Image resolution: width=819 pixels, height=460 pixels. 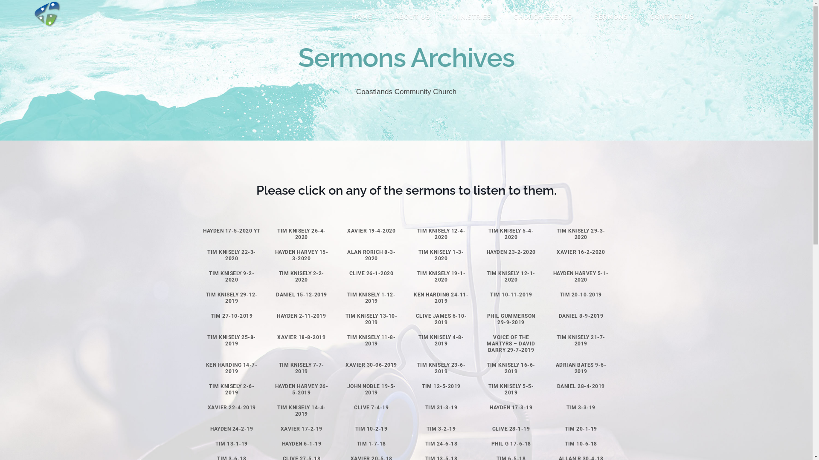 What do you see at coordinates (581, 234) in the screenshot?
I see `'TIM KNISELY 29-3-2020'` at bounding box center [581, 234].